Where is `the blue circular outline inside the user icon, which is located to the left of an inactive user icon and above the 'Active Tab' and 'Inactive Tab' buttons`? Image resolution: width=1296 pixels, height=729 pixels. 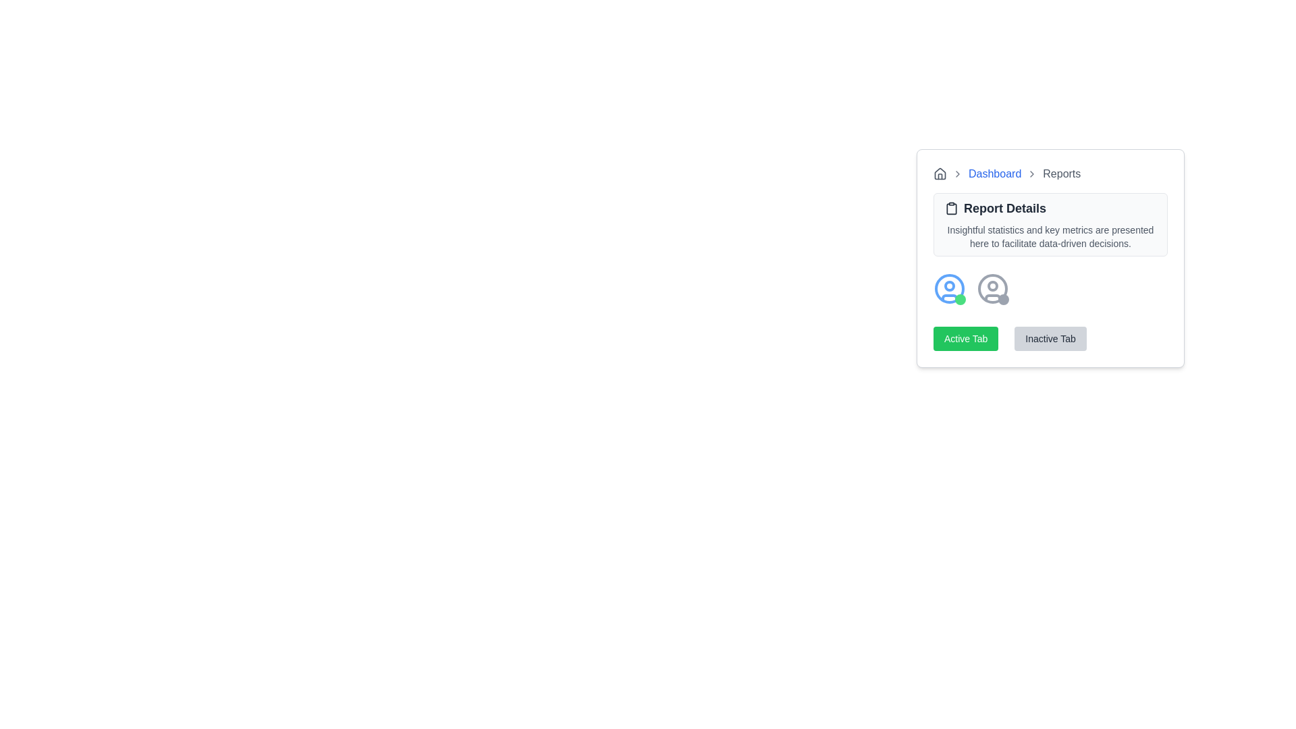 the blue circular outline inside the user icon, which is located to the left of an inactive user icon and above the 'Active Tab' and 'Inactive Tab' buttons is located at coordinates (948, 288).